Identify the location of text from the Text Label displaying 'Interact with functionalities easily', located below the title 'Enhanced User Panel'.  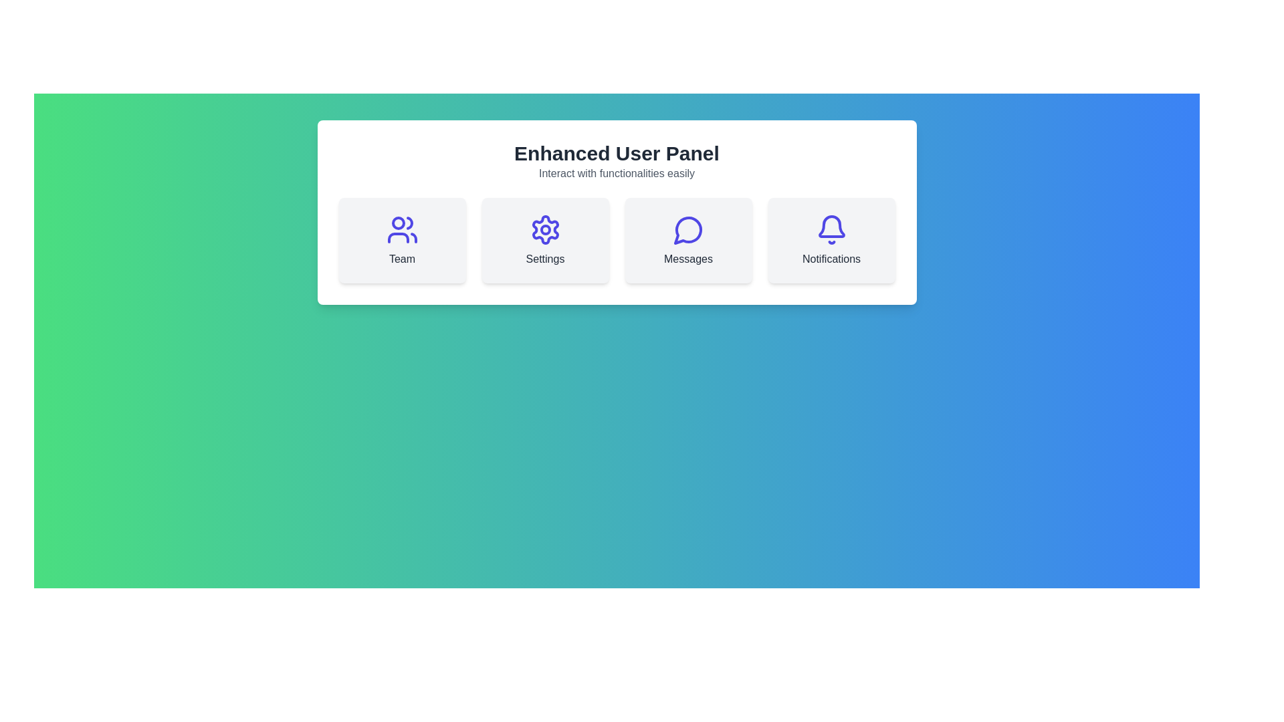
(616, 172).